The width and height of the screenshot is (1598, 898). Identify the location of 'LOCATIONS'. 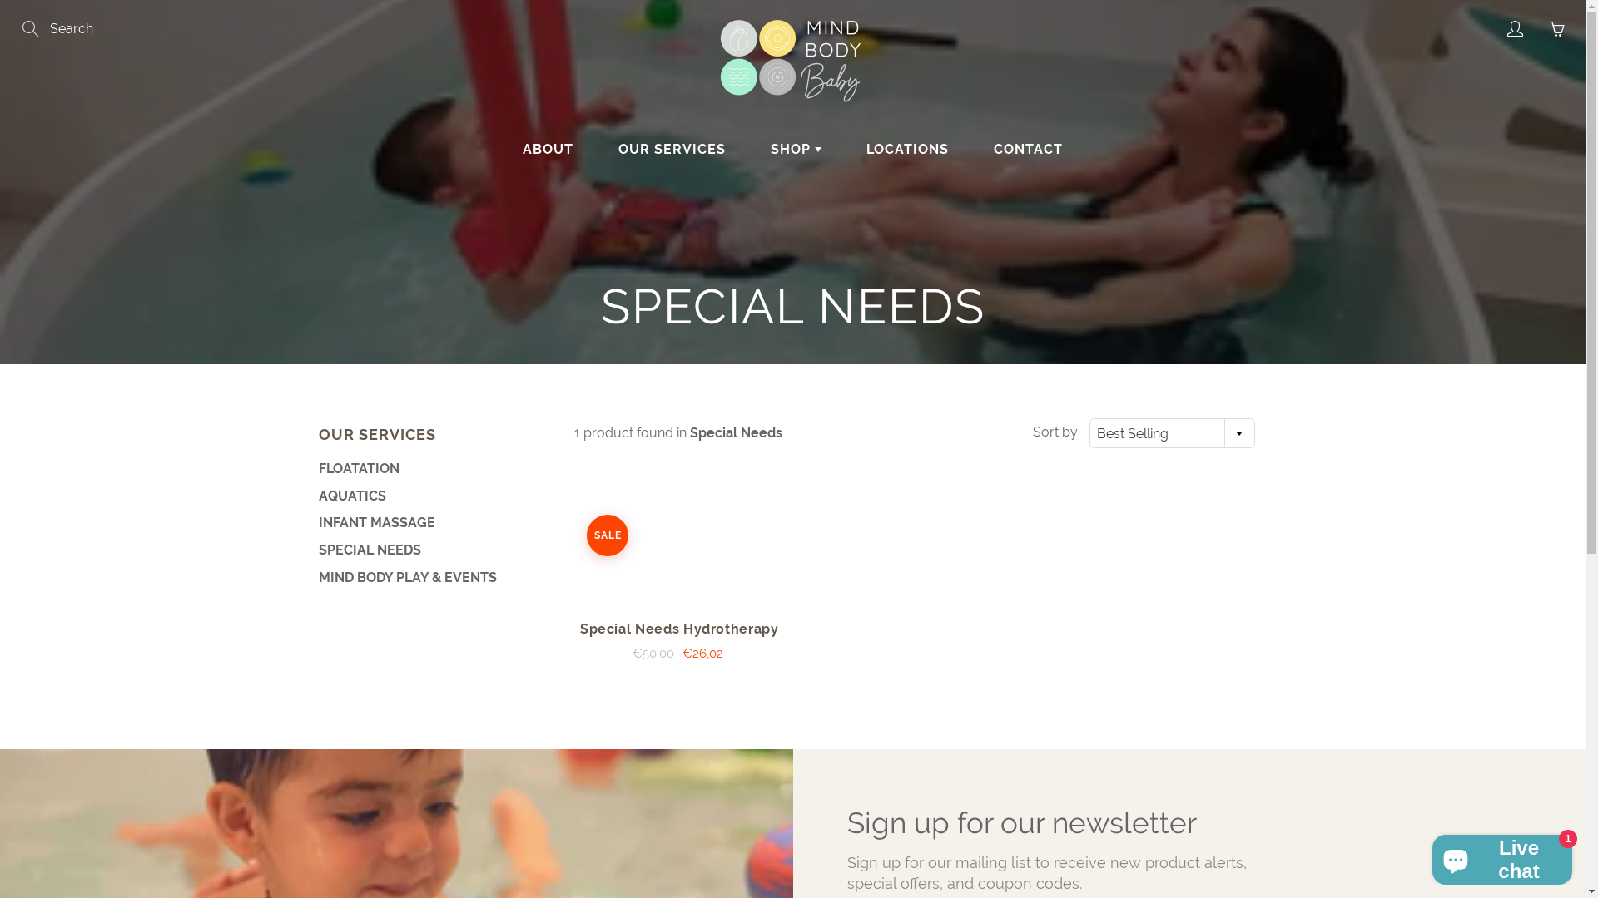
(846, 150).